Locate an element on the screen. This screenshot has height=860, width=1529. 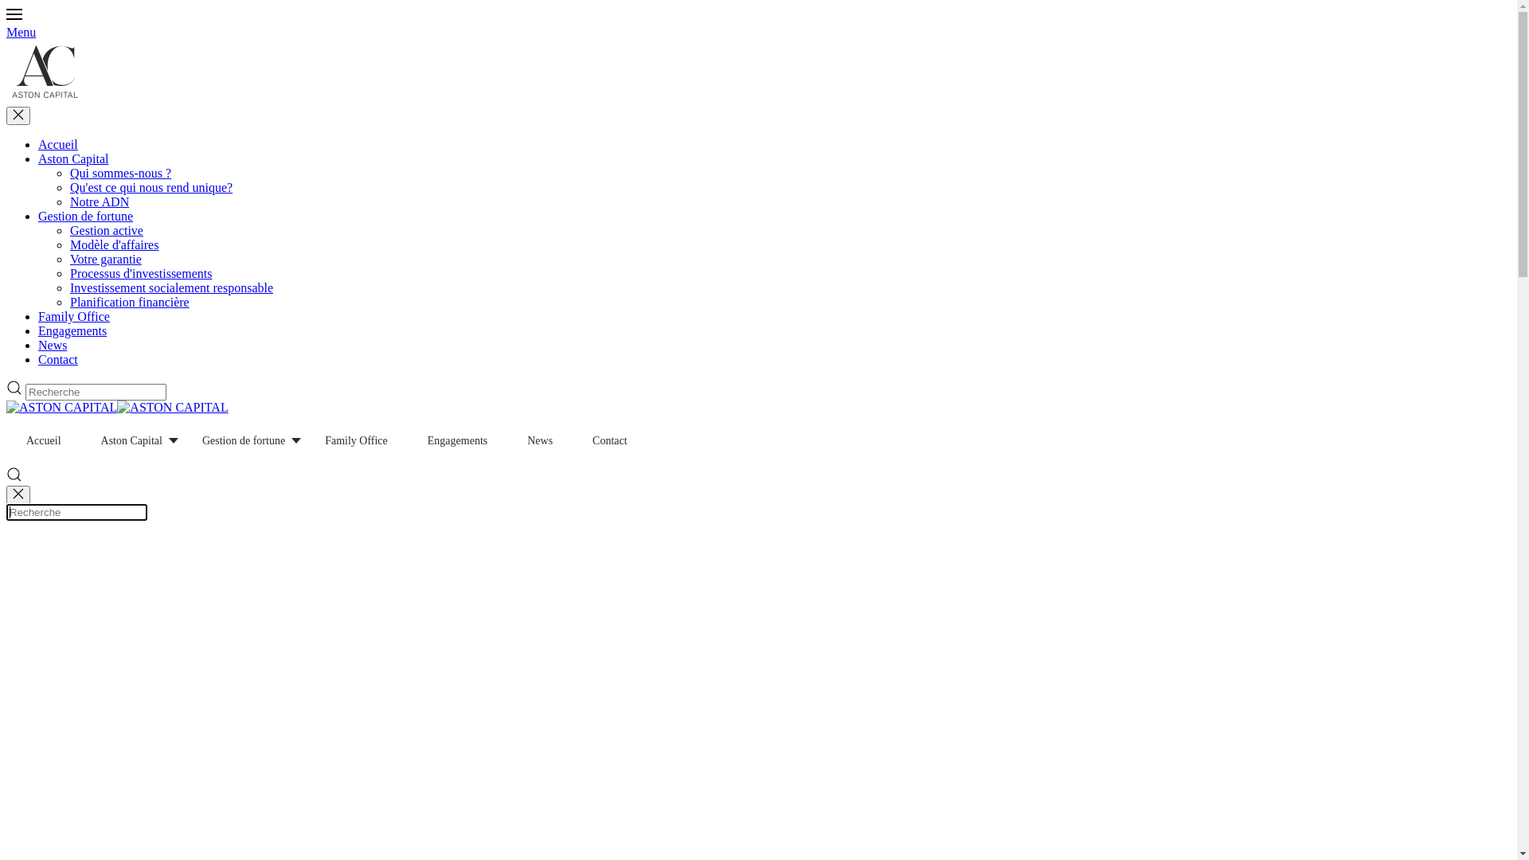
'Processus d'investissements' is located at coordinates (141, 272).